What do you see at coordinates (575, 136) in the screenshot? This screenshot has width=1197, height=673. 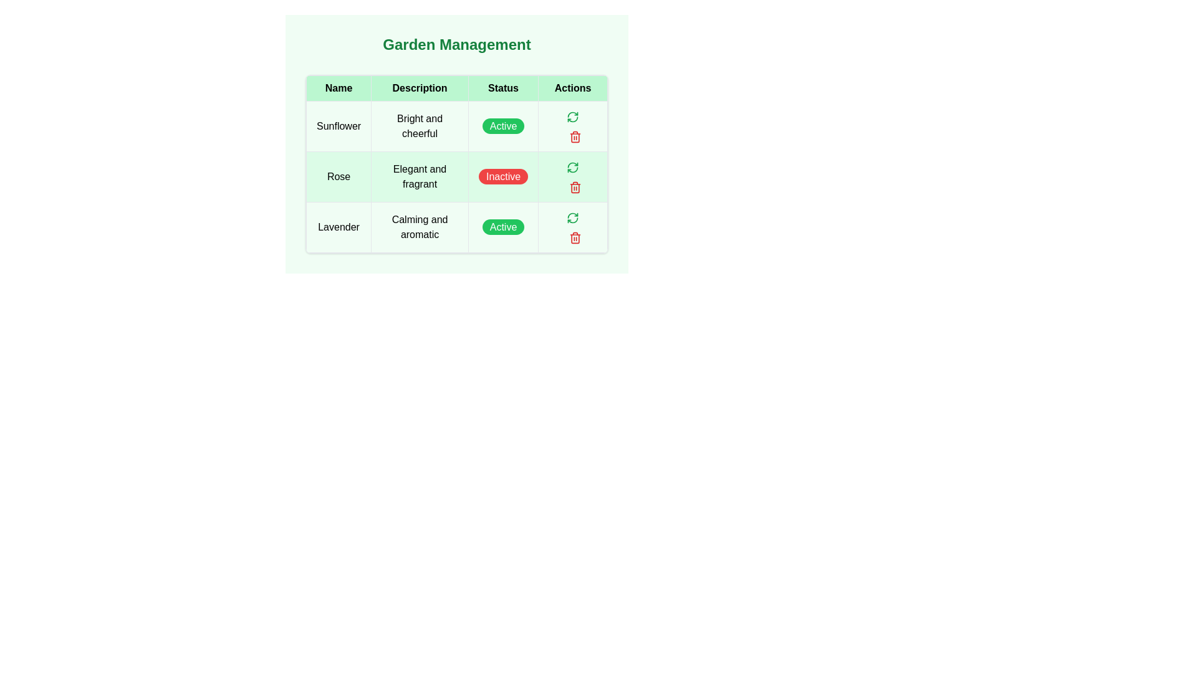 I see `the trashcan icon button with red outlines located in the Actions column of the second row (titled 'Rose')` at bounding box center [575, 136].